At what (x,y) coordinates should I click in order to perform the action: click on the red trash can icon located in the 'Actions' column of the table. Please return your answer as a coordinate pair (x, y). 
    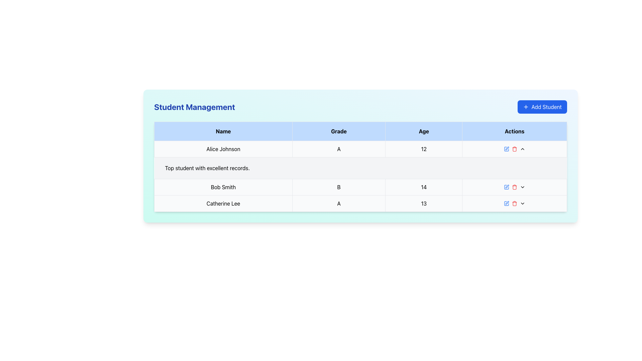
    Looking at the image, I should click on (514, 204).